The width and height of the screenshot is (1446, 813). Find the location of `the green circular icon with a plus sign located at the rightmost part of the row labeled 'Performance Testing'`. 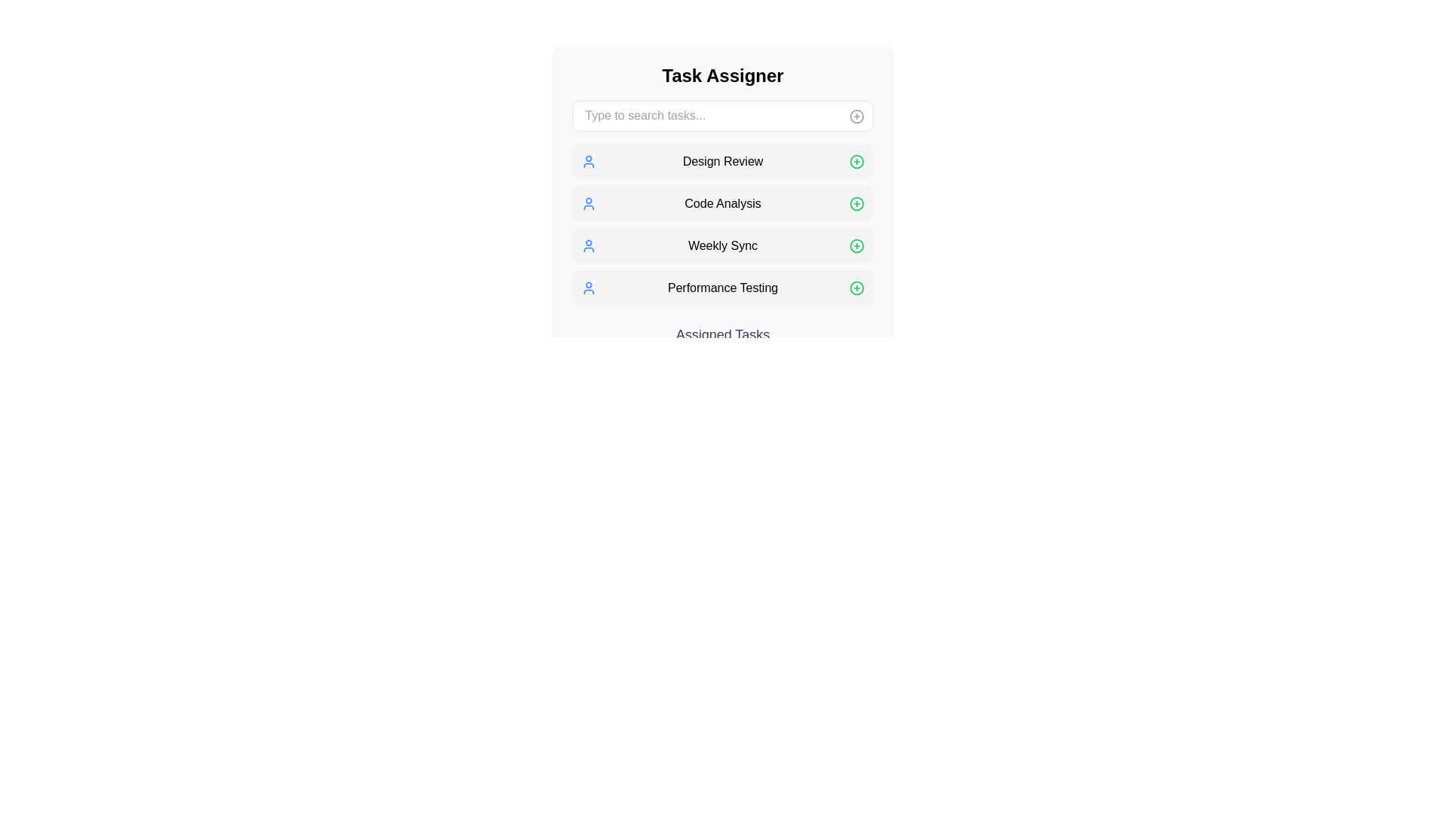

the green circular icon with a plus sign located at the rightmost part of the row labeled 'Performance Testing' is located at coordinates (856, 288).